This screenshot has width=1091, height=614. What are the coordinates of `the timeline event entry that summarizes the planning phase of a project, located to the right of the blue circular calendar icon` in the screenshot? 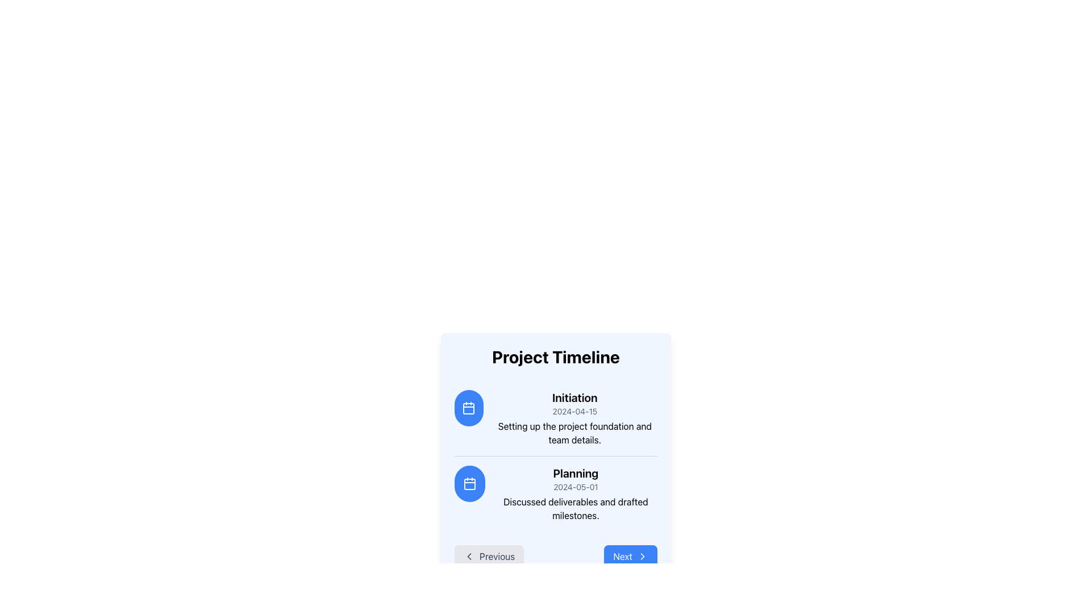 It's located at (576, 493).